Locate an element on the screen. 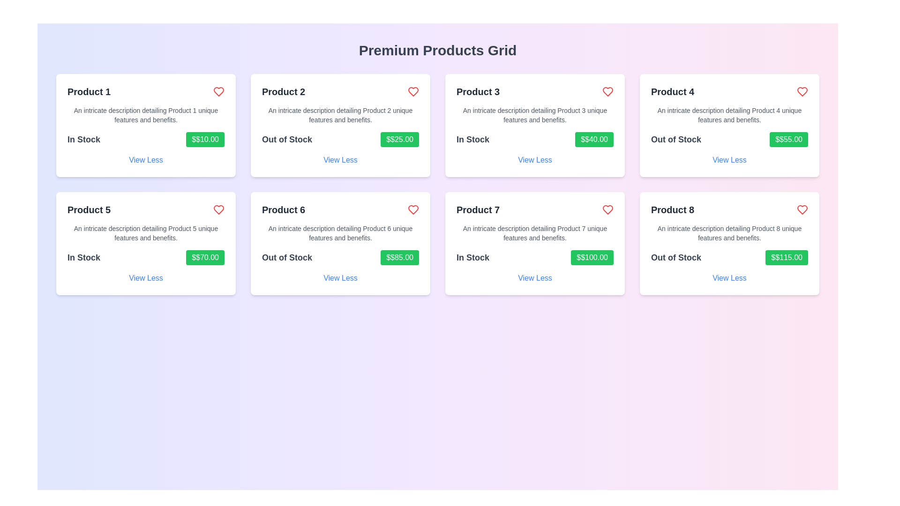 Image resolution: width=900 pixels, height=506 pixels. the bold, large text element reading 'Product 3' is located at coordinates (478, 92).